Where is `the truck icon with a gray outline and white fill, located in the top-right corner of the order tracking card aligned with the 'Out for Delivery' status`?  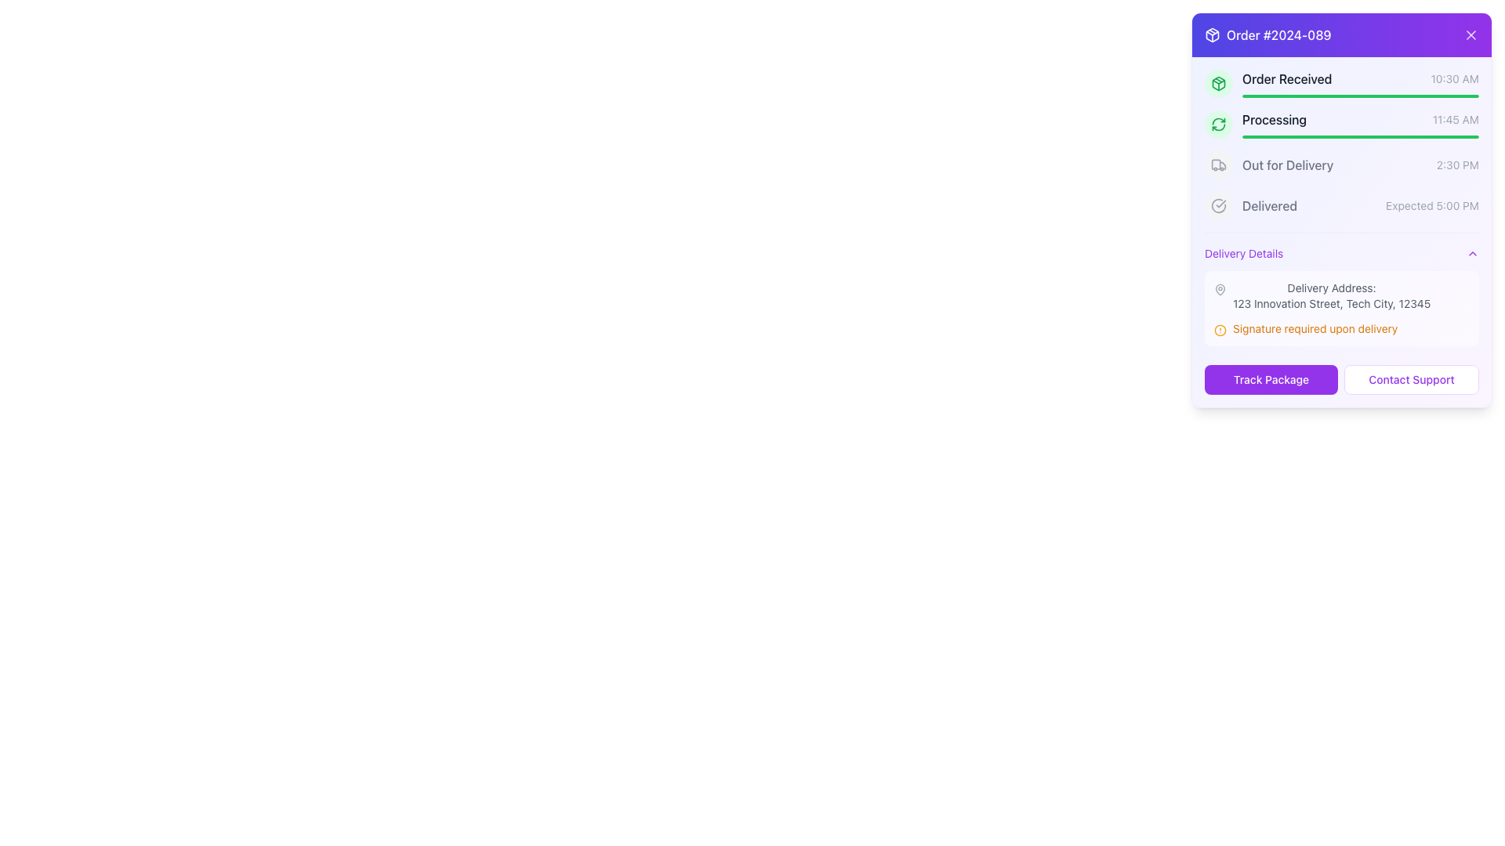
the truck icon with a gray outline and white fill, located in the top-right corner of the order tracking card aligned with the 'Out for Delivery' status is located at coordinates (1218, 165).